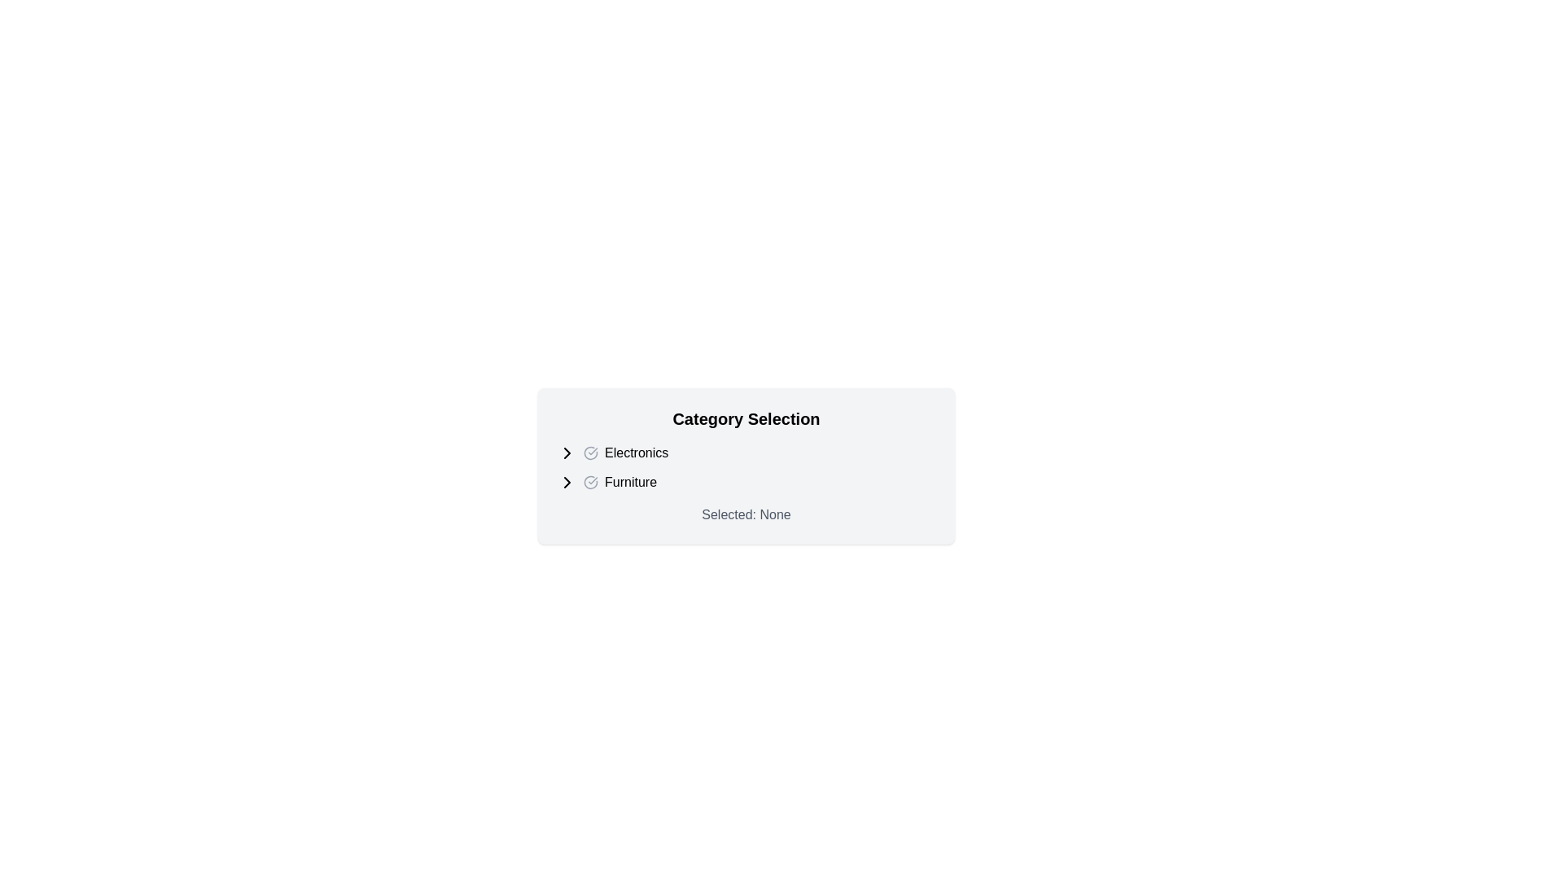  What do you see at coordinates (567, 482) in the screenshot?
I see `the Icon located` at bounding box center [567, 482].